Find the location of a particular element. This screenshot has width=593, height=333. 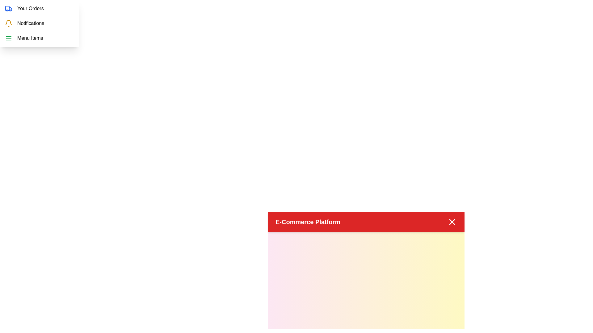

the leftmost icon in the 'Menu Items' group is located at coordinates (9, 38).